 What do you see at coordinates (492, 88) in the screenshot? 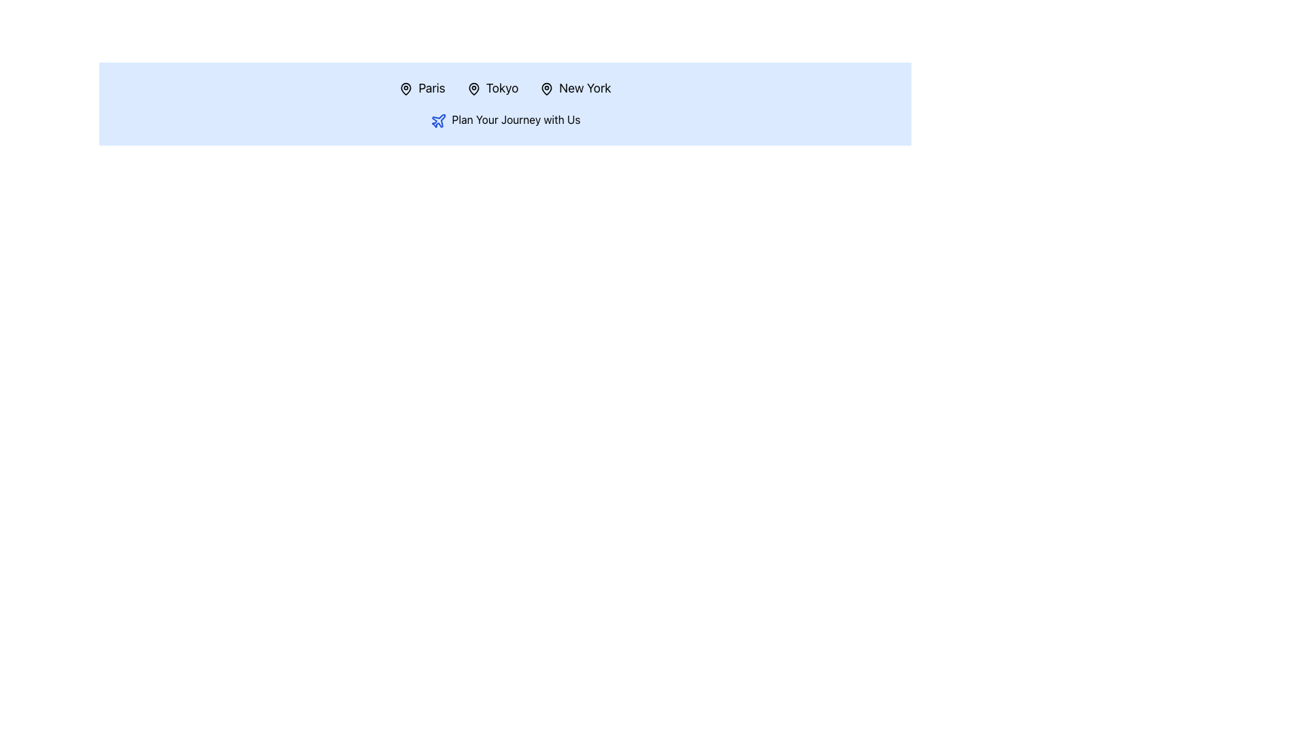
I see `the text 'Tokyo', a larger font-sized label in a horizontal list of city names` at bounding box center [492, 88].